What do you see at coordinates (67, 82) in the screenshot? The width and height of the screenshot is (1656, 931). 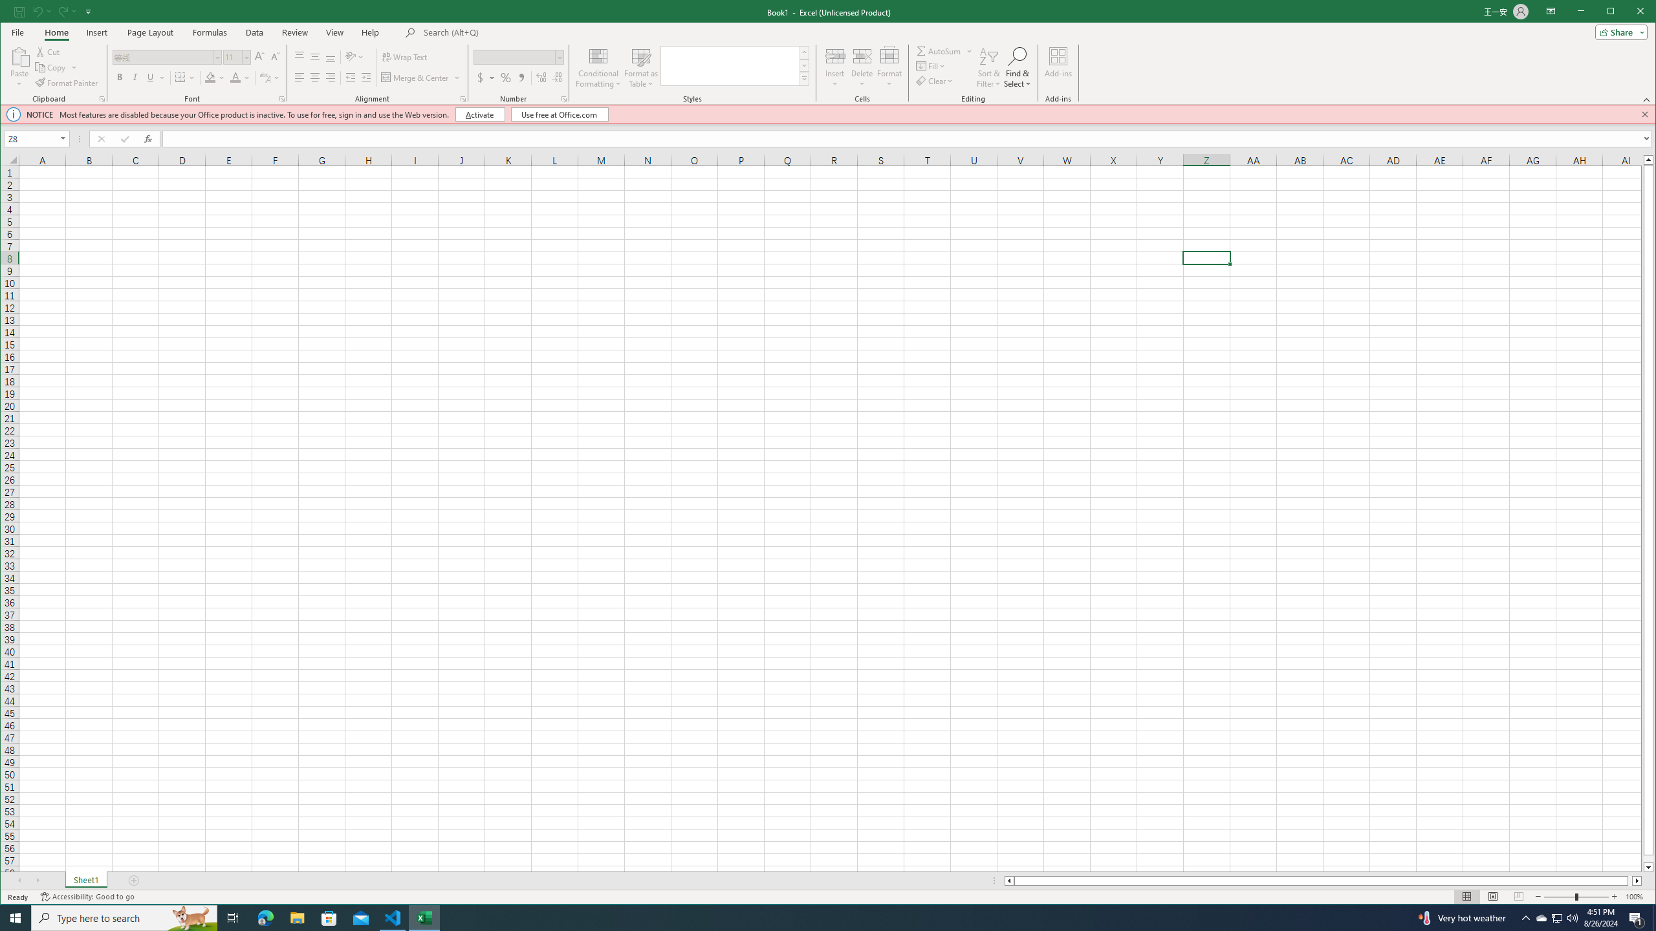 I see `'Format Painter'` at bounding box center [67, 82].